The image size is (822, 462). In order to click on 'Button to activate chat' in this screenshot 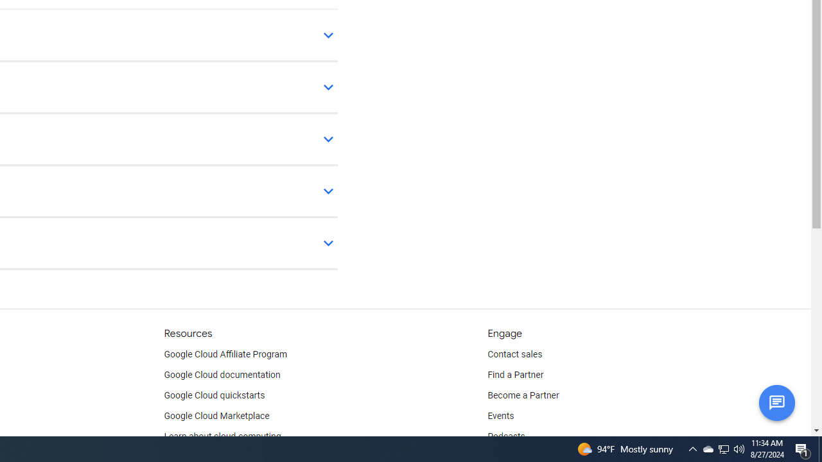, I will do `click(776, 402)`.